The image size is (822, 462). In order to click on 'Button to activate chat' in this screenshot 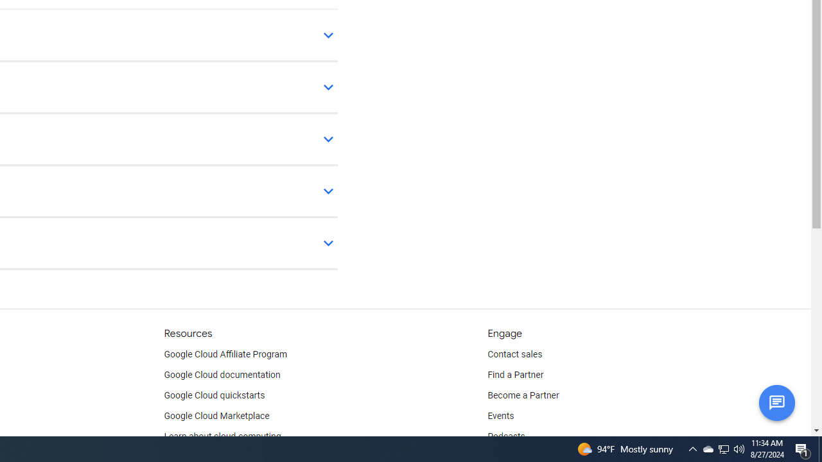, I will do `click(776, 402)`.